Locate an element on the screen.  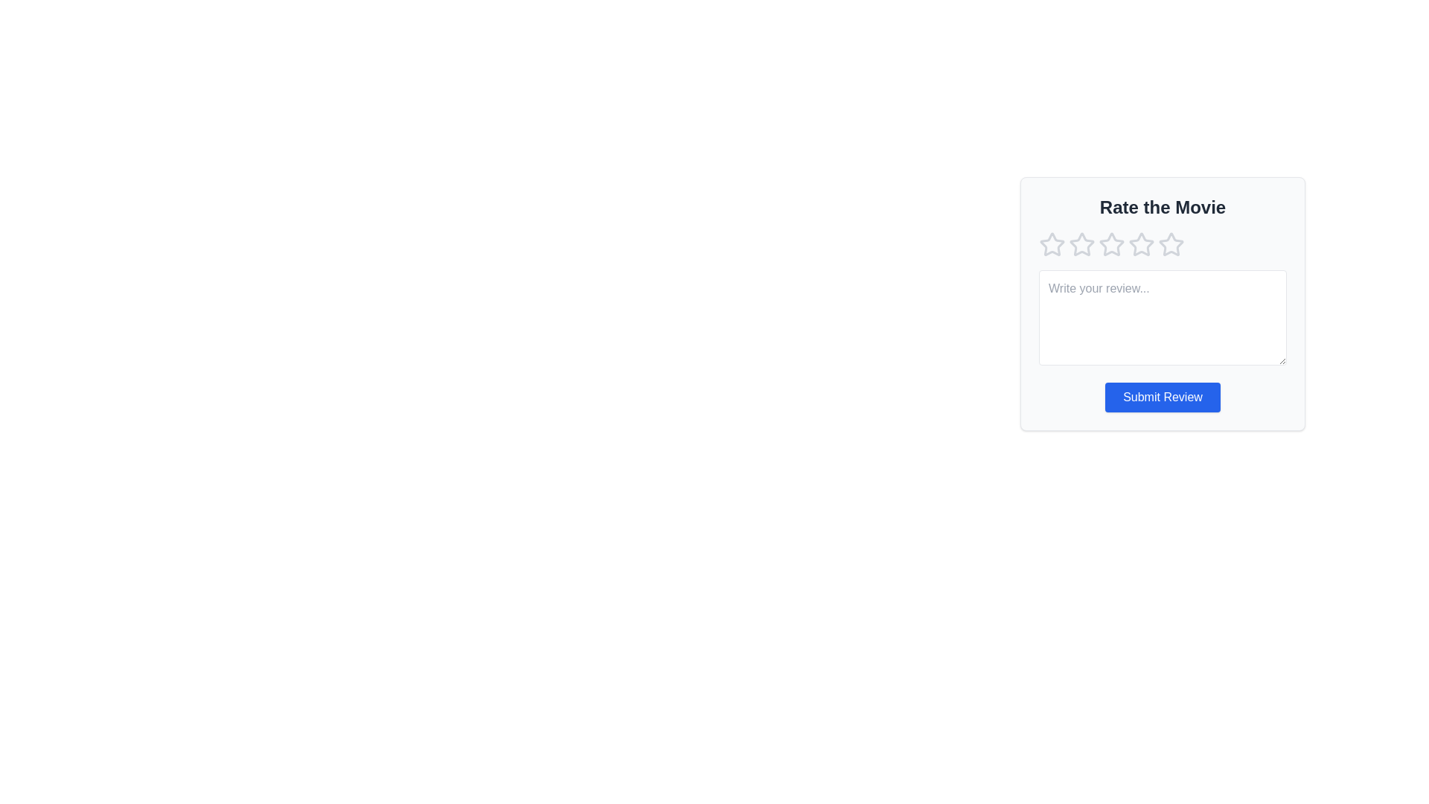
the star rating to 4 by clicking on the corresponding star is located at coordinates (1141, 243).